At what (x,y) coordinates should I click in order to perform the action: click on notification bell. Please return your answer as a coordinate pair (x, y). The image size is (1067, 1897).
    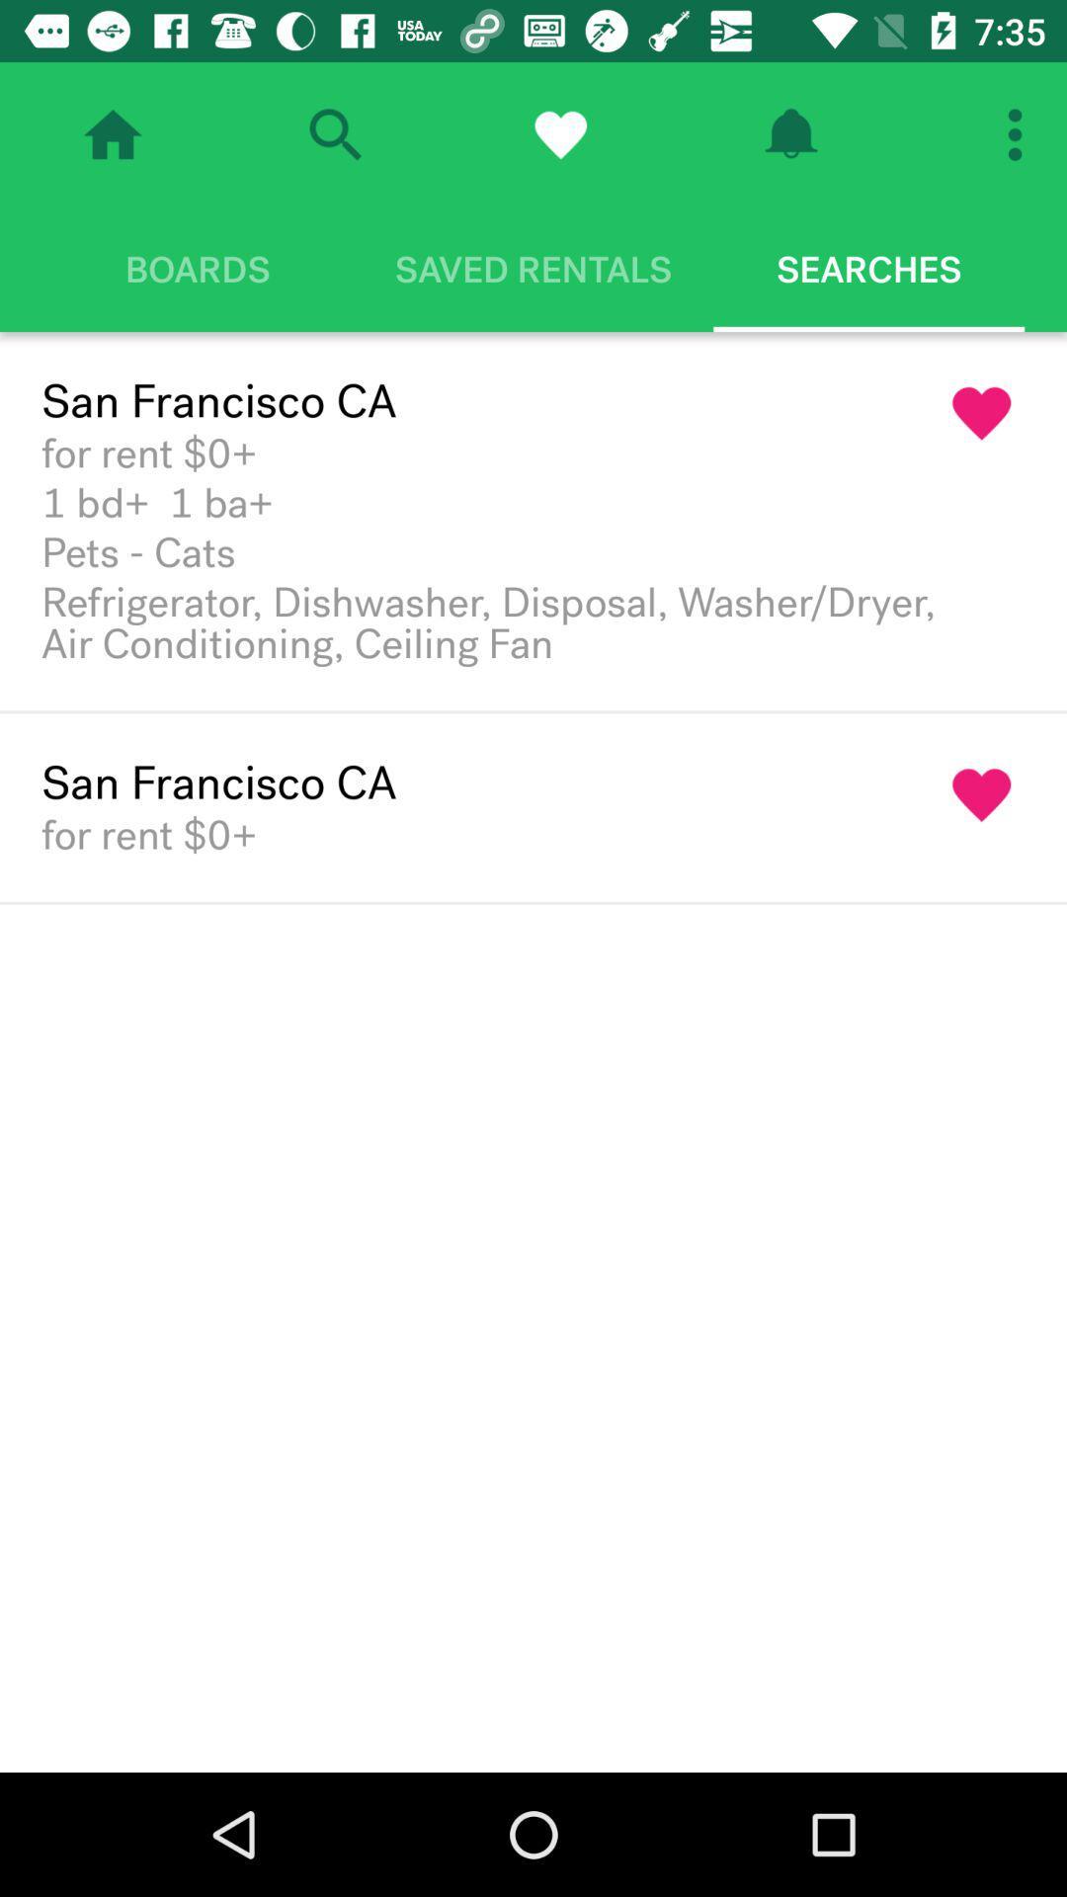
    Looking at the image, I should click on (789, 133).